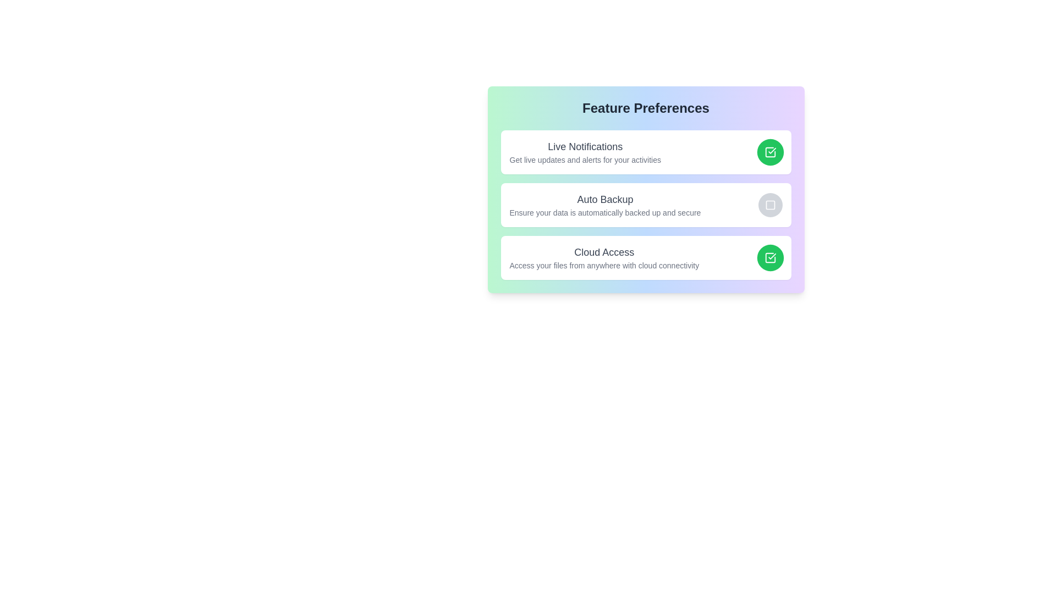  What do you see at coordinates (646, 189) in the screenshot?
I see `the button on the right side of the informational card about the auto-backup feature, which is the second item in the 'Feature Preferences' section` at bounding box center [646, 189].